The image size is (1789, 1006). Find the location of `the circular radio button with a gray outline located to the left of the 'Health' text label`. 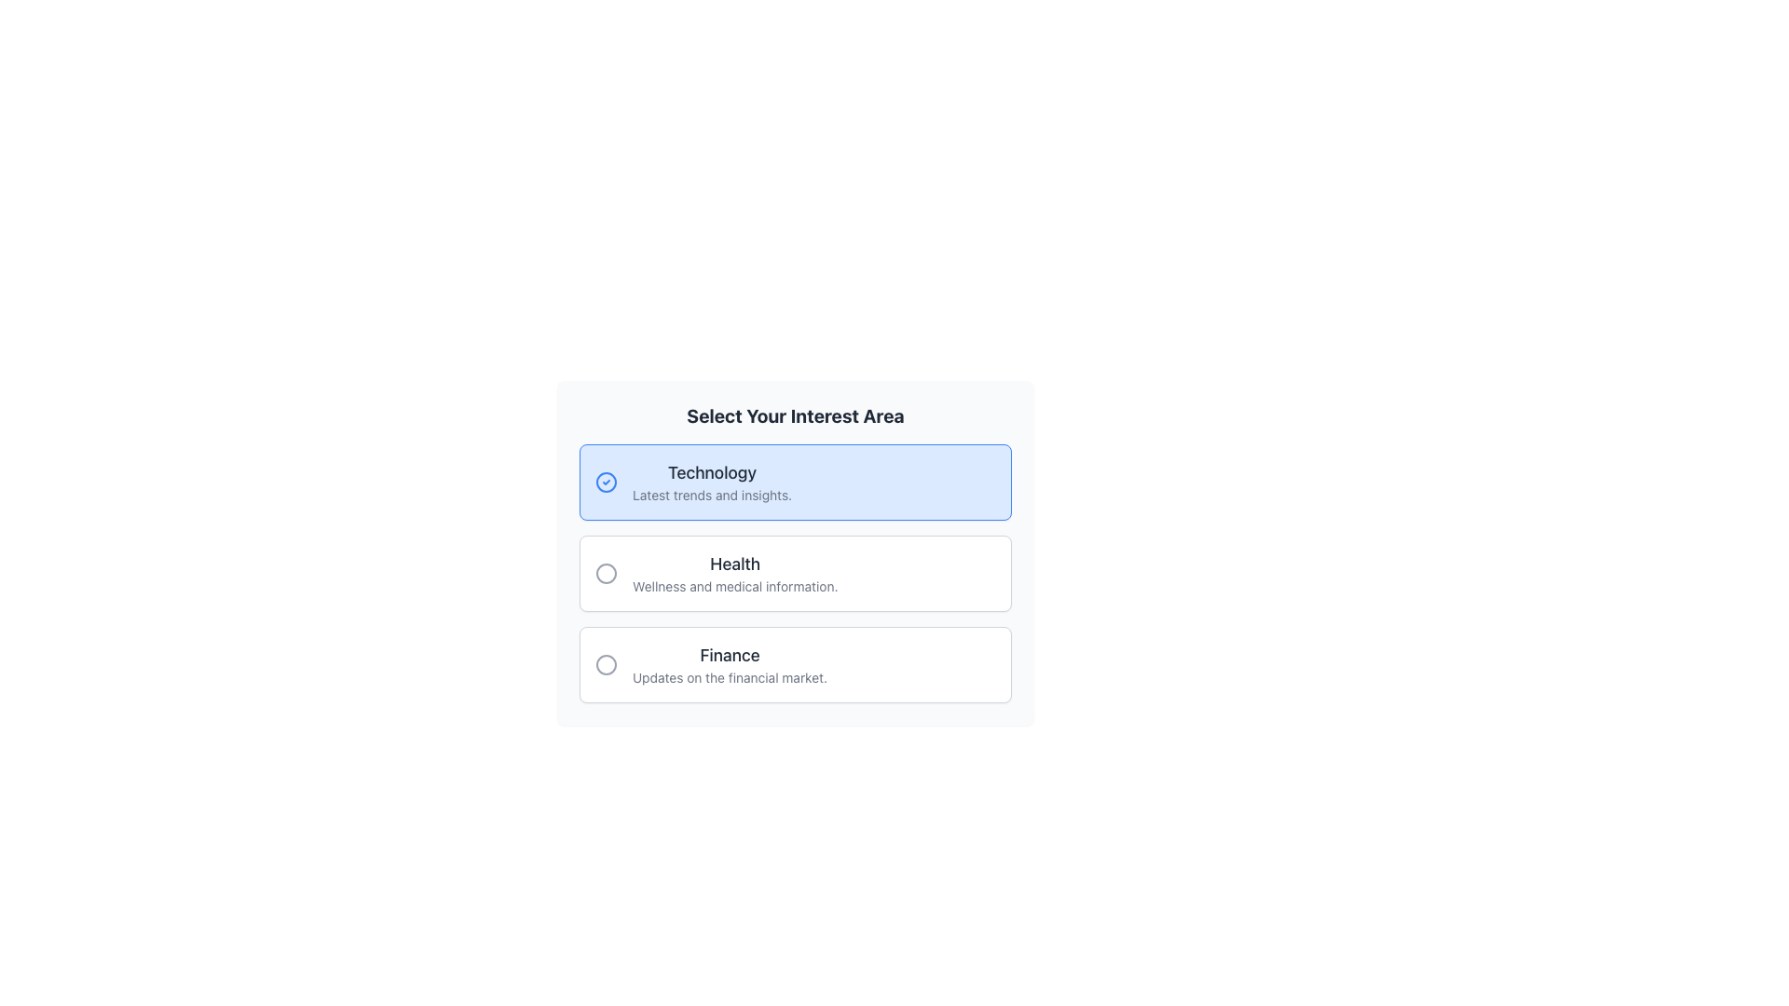

the circular radio button with a gray outline located to the left of the 'Health' text label is located at coordinates (607, 573).